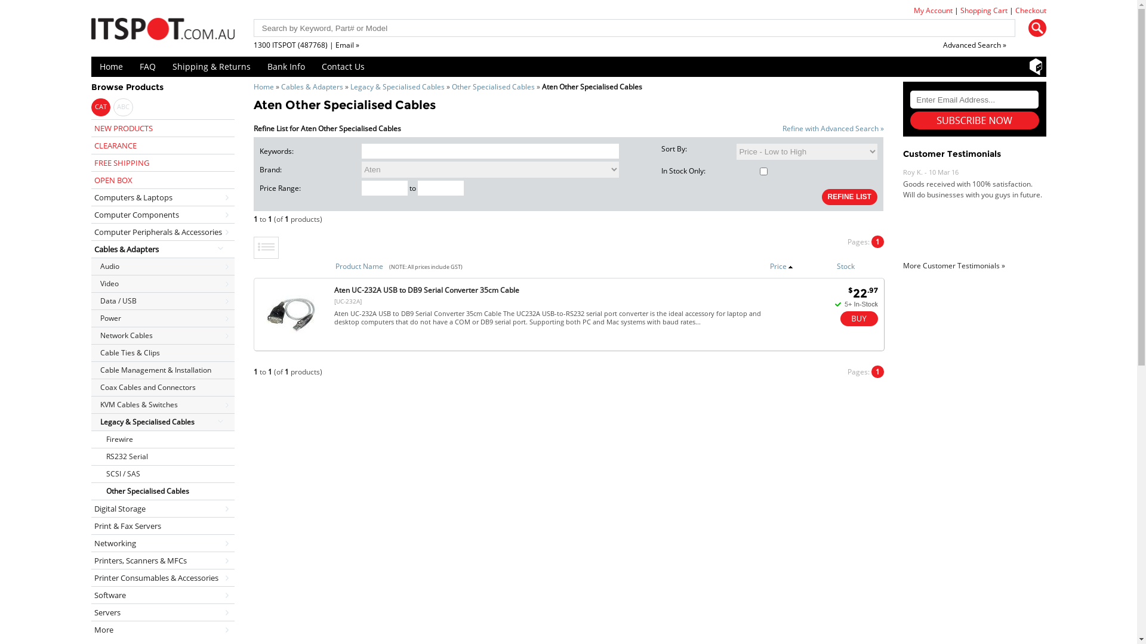  What do you see at coordinates (162, 28) in the screenshot?
I see `'ITSpot Online Computer Store'` at bounding box center [162, 28].